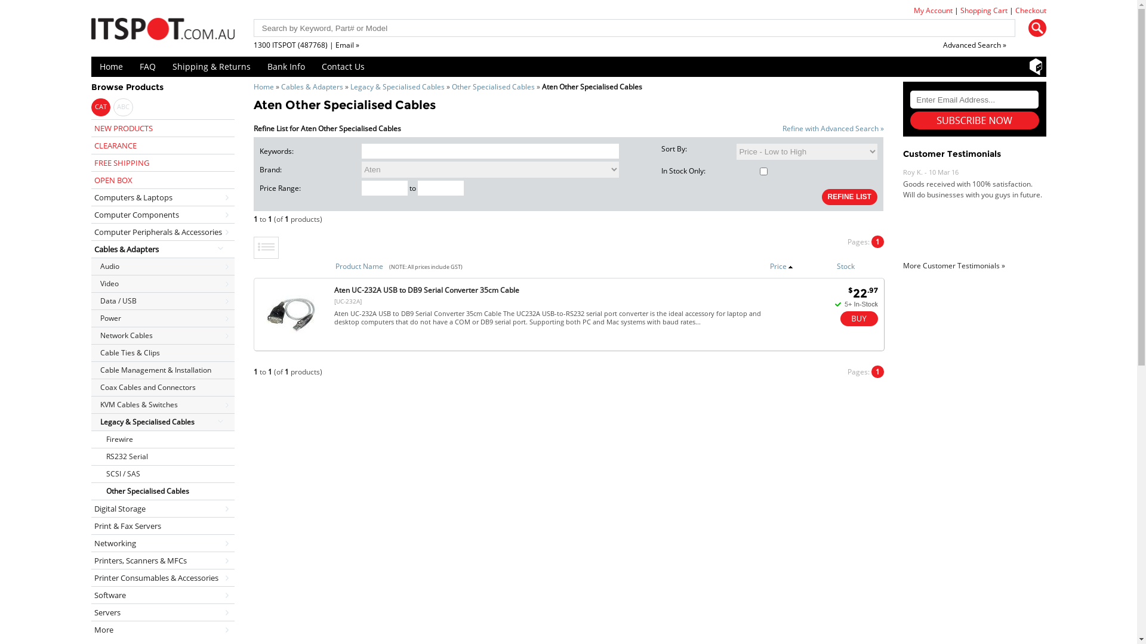  What do you see at coordinates (162, 28) in the screenshot?
I see `'ITSpot Online Computer Store'` at bounding box center [162, 28].